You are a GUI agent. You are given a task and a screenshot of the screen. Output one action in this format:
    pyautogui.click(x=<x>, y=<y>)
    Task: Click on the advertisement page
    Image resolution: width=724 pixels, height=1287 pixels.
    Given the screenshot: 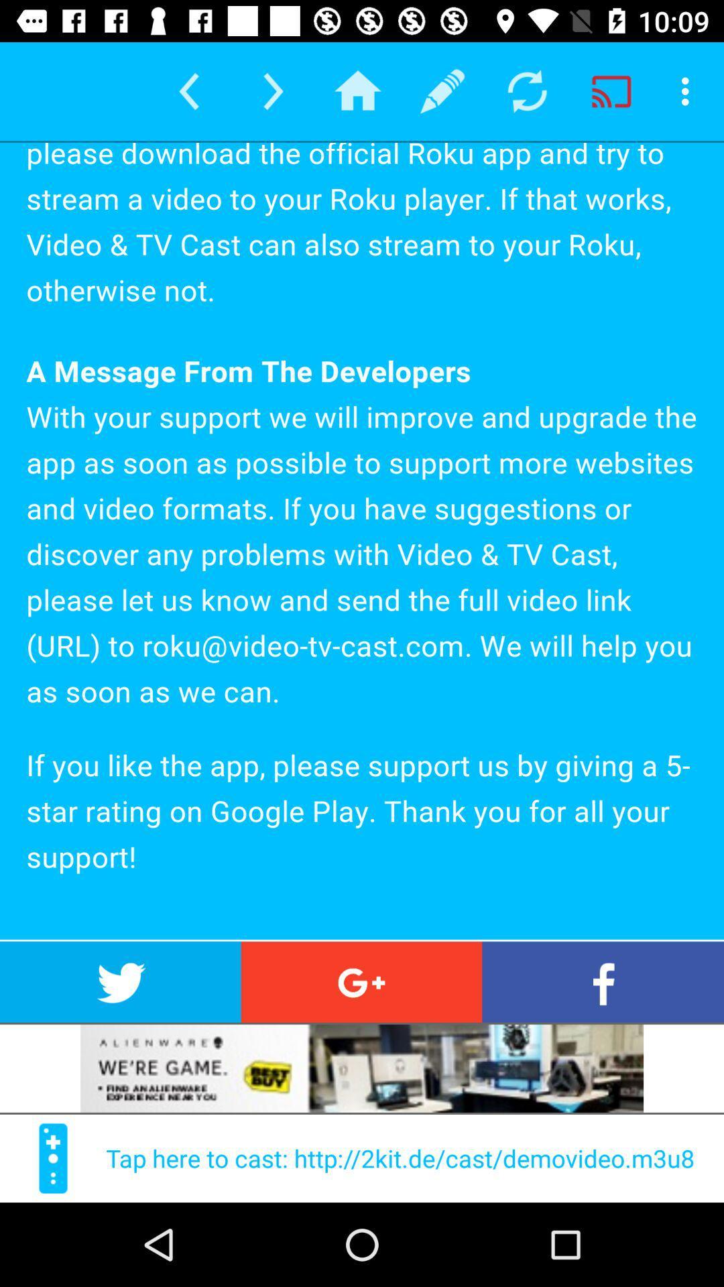 What is the action you would take?
    pyautogui.click(x=362, y=1068)
    